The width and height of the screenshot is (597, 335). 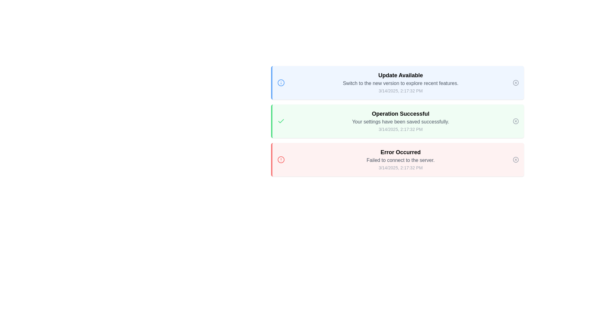 I want to click on the static text that provides detailed information about the error described in the notification above it, located below the title 'Error Occurred' and above a timestamp, so click(x=400, y=160).